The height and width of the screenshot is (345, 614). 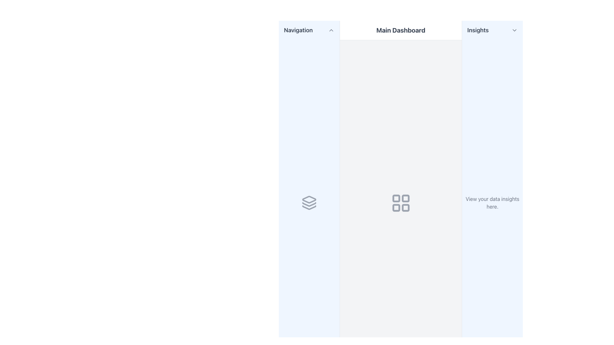 I want to click on the SVG icon representing a hierarchical or layered structure, so click(x=309, y=203).